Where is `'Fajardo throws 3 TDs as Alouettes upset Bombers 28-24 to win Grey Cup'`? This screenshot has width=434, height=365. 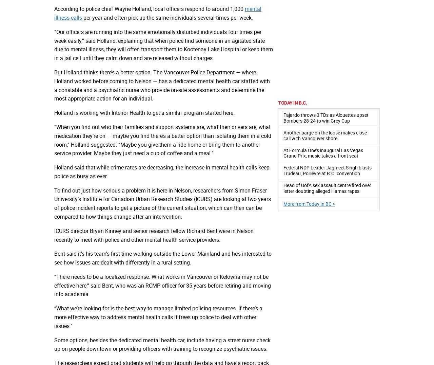
'Fajardo throws 3 TDs as Alouettes upset Bombers 28-24 to win Grey Cup' is located at coordinates (326, 118).